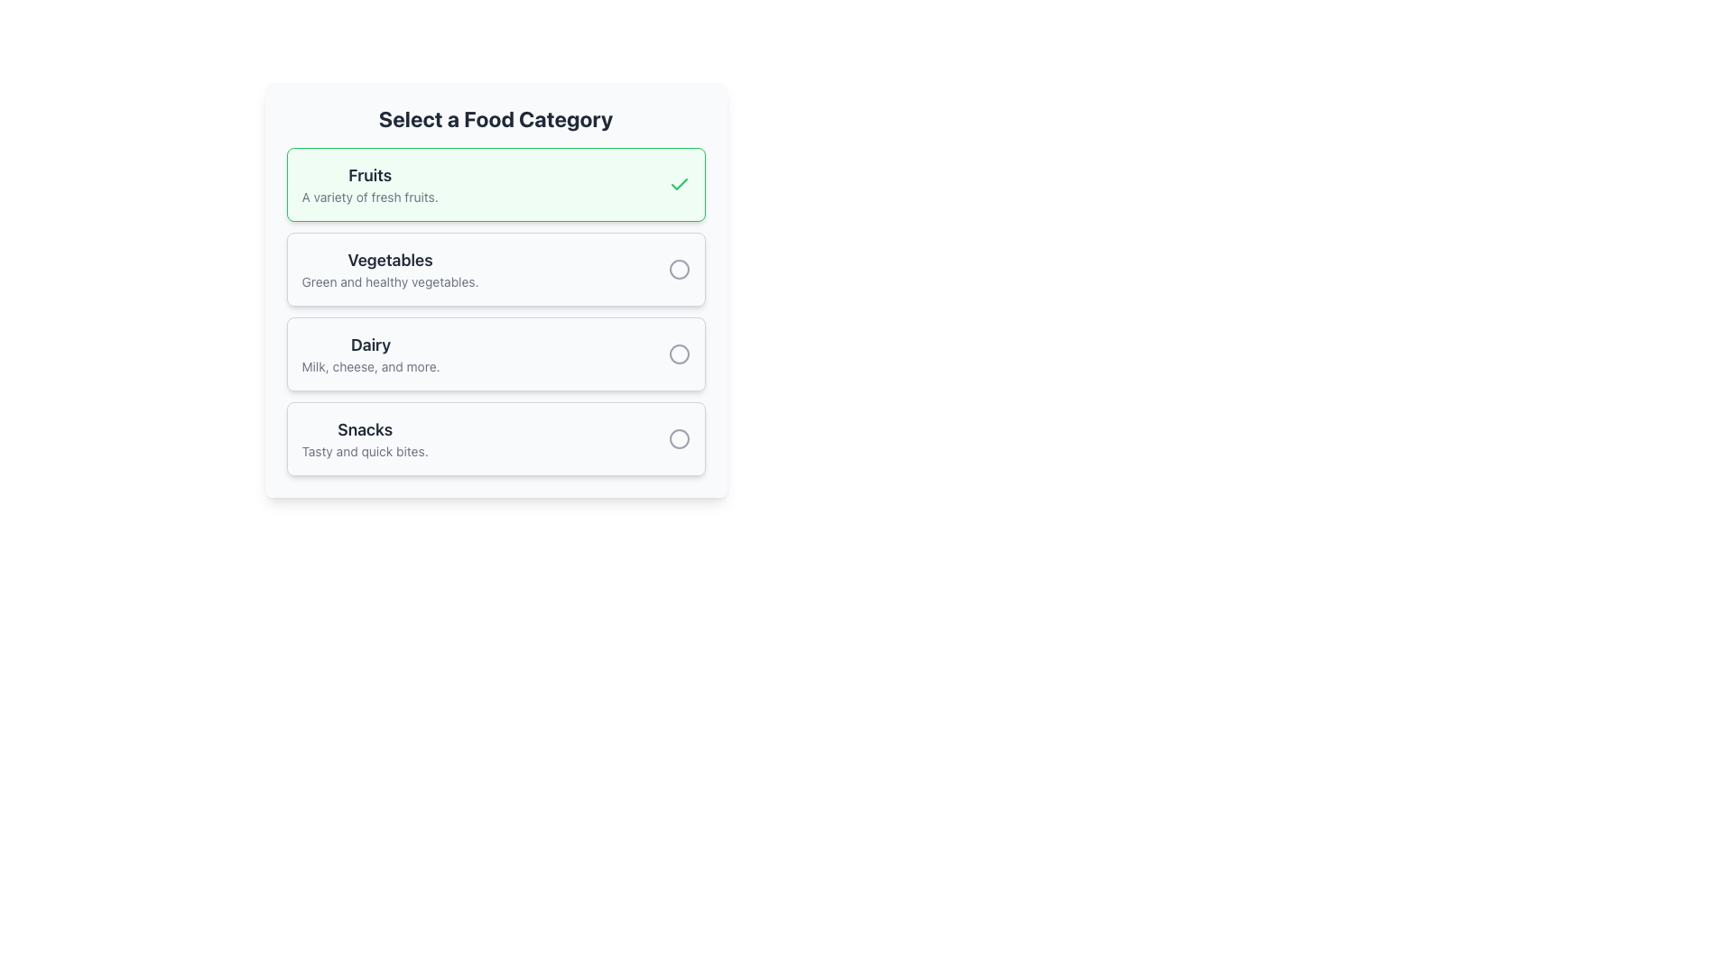 The image size is (1733, 974). I want to click on the static text labeled 'Snacks', which is prominently displayed in bold, large dark gray or black font, positioned within a list of food categories, so click(364, 430).